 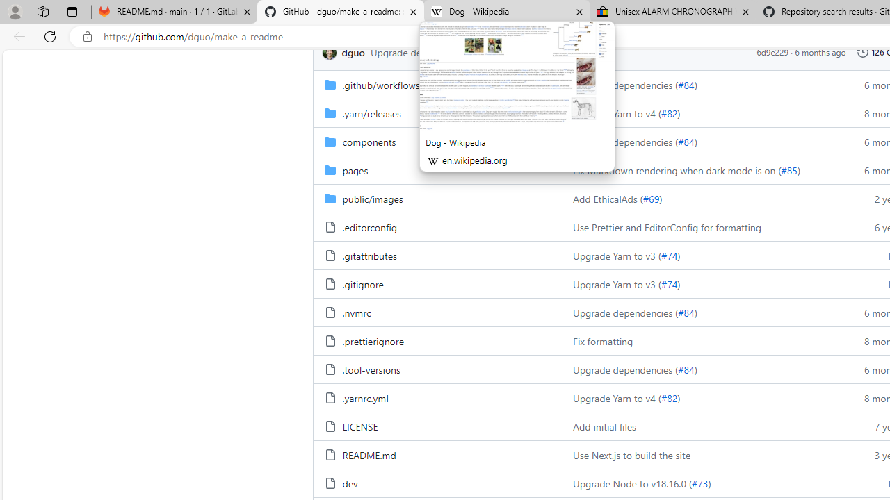 I want to click on 'Personal Profile', so click(x=15, y=11).